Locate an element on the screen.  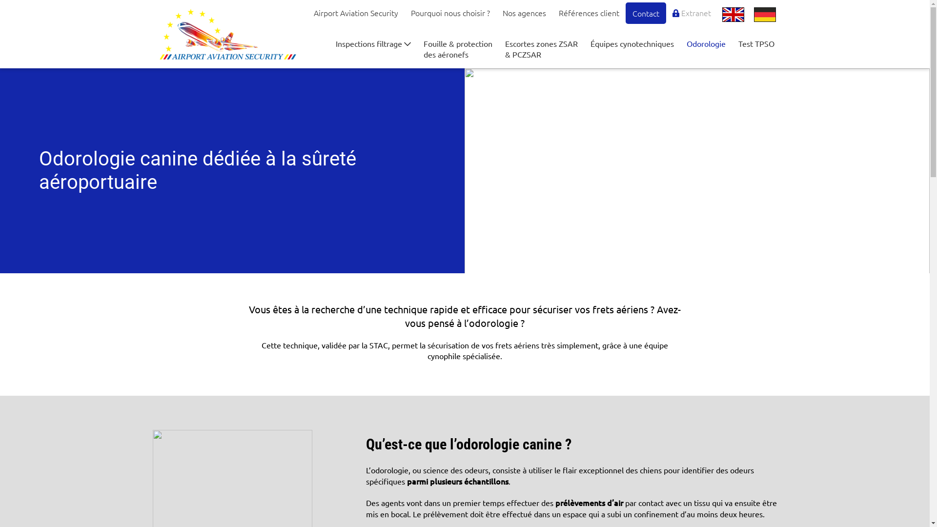
'Extranet' is located at coordinates (691, 13).